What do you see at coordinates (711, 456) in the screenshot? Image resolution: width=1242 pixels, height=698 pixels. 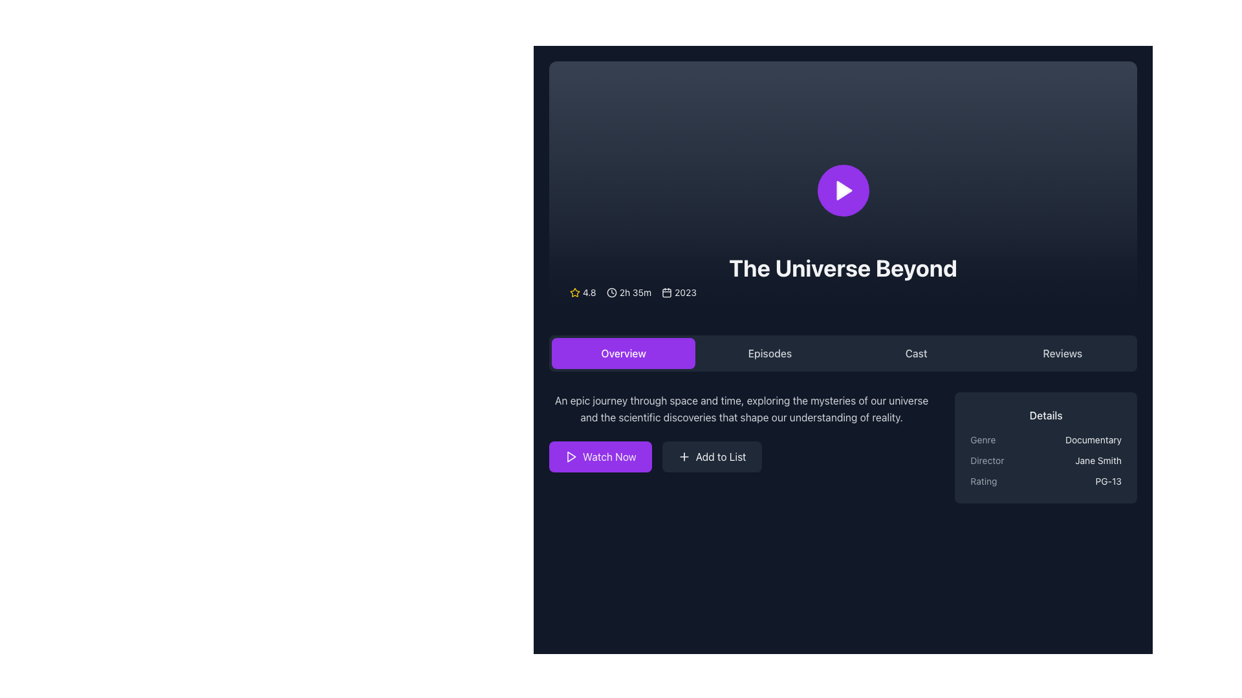 I see `the 'Add to List' button, which is a rectangular button with rounded corners and a dark gray background that lightens slightly when hovered` at bounding box center [711, 456].